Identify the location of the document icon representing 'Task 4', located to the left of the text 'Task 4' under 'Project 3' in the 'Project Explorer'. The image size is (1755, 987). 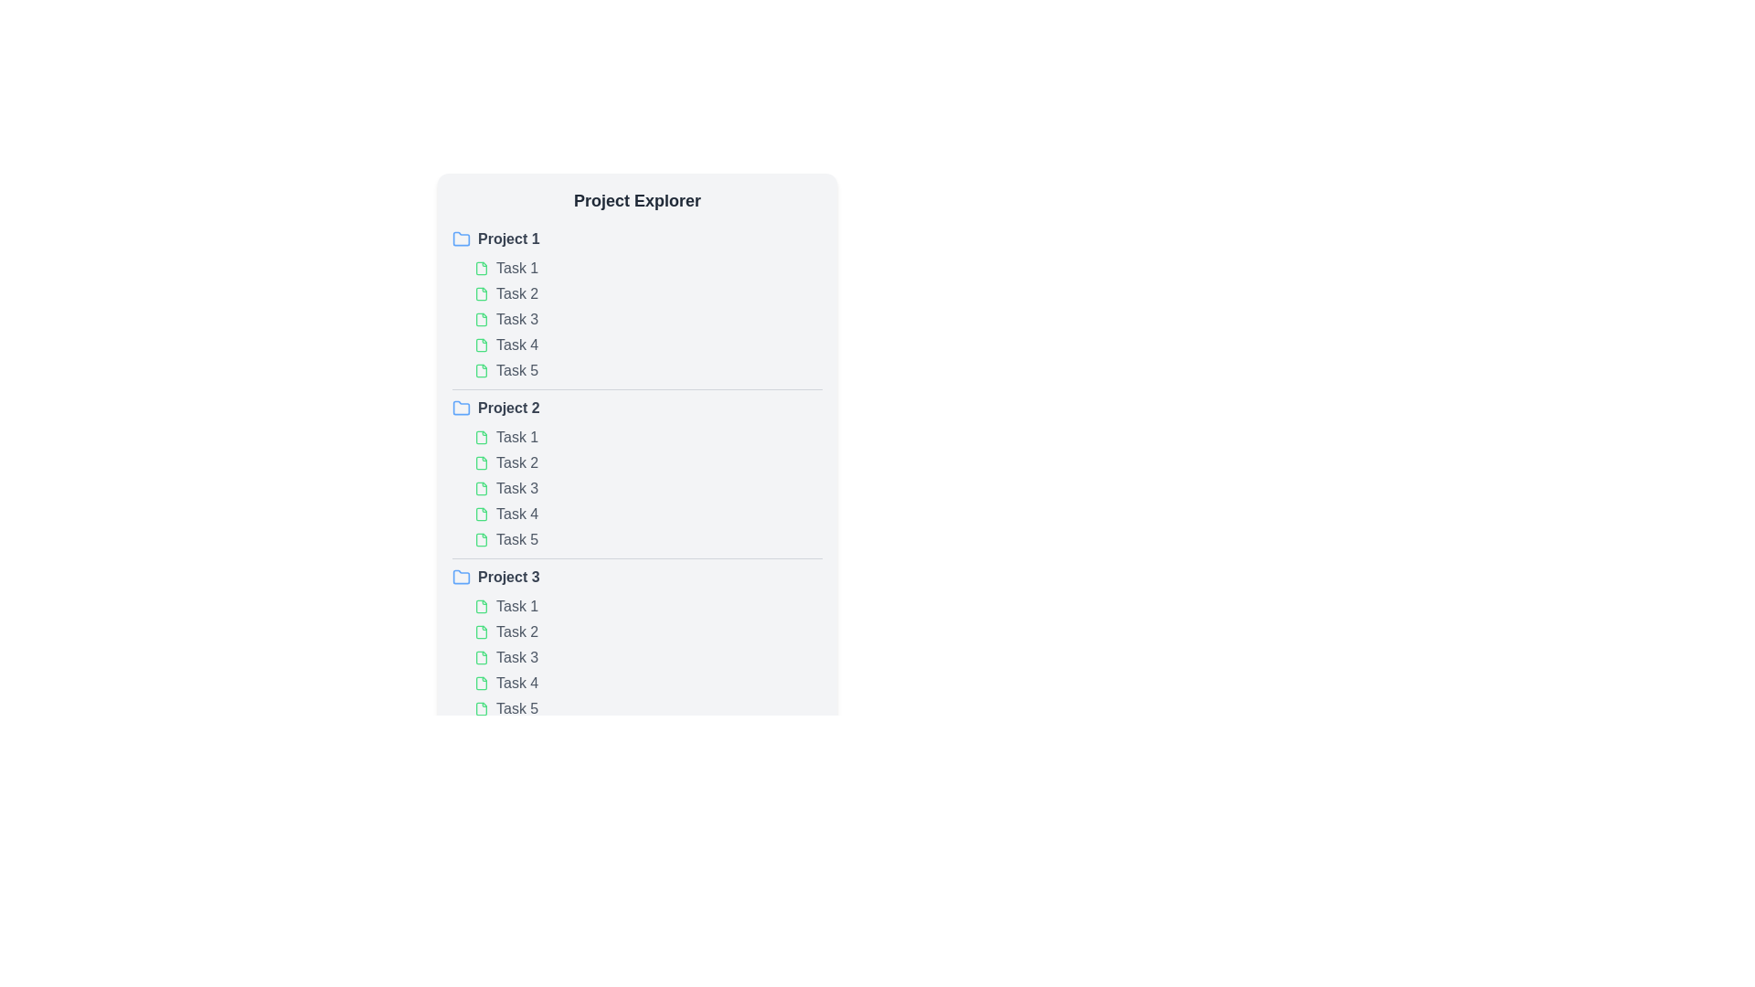
(482, 684).